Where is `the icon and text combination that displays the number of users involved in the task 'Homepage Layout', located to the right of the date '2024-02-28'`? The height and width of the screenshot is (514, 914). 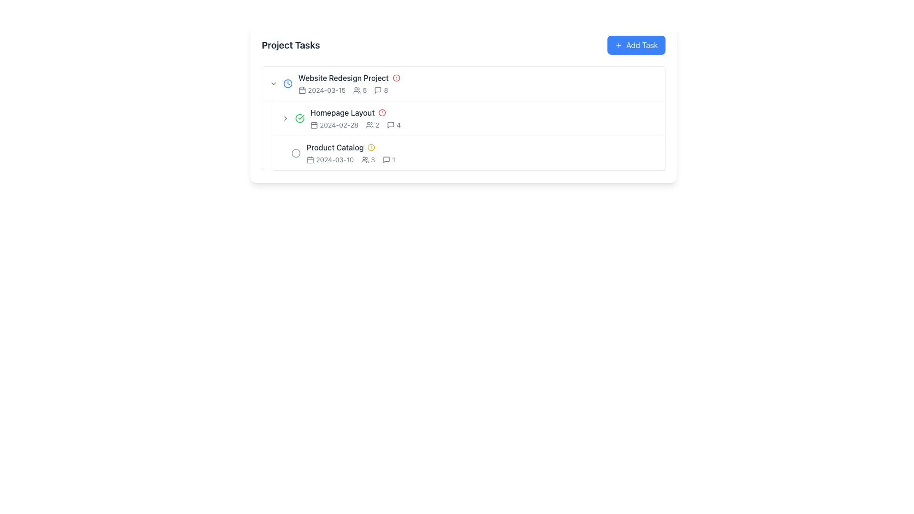
the icon and text combination that displays the number of users involved in the task 'Homepage Layout', located to the right of the date '2024-02-28' is located at coordinates (372, 124).